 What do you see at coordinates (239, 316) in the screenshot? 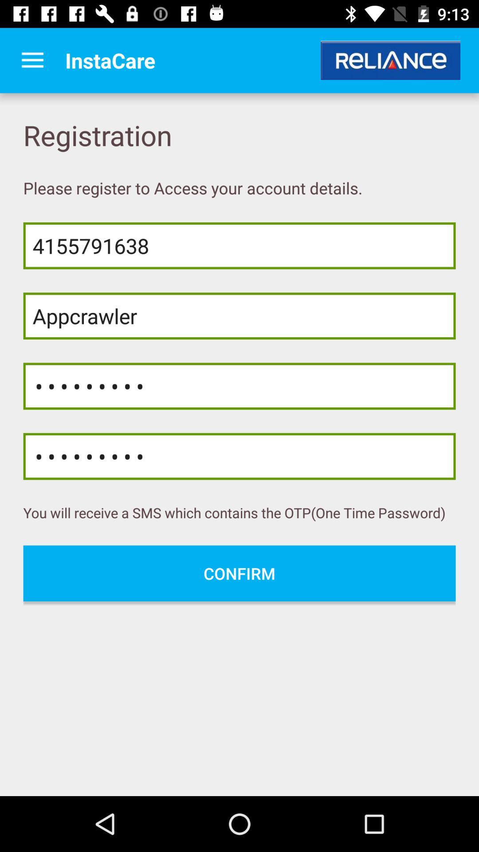
I see `appcrawler` at bounding box center [239, 316].